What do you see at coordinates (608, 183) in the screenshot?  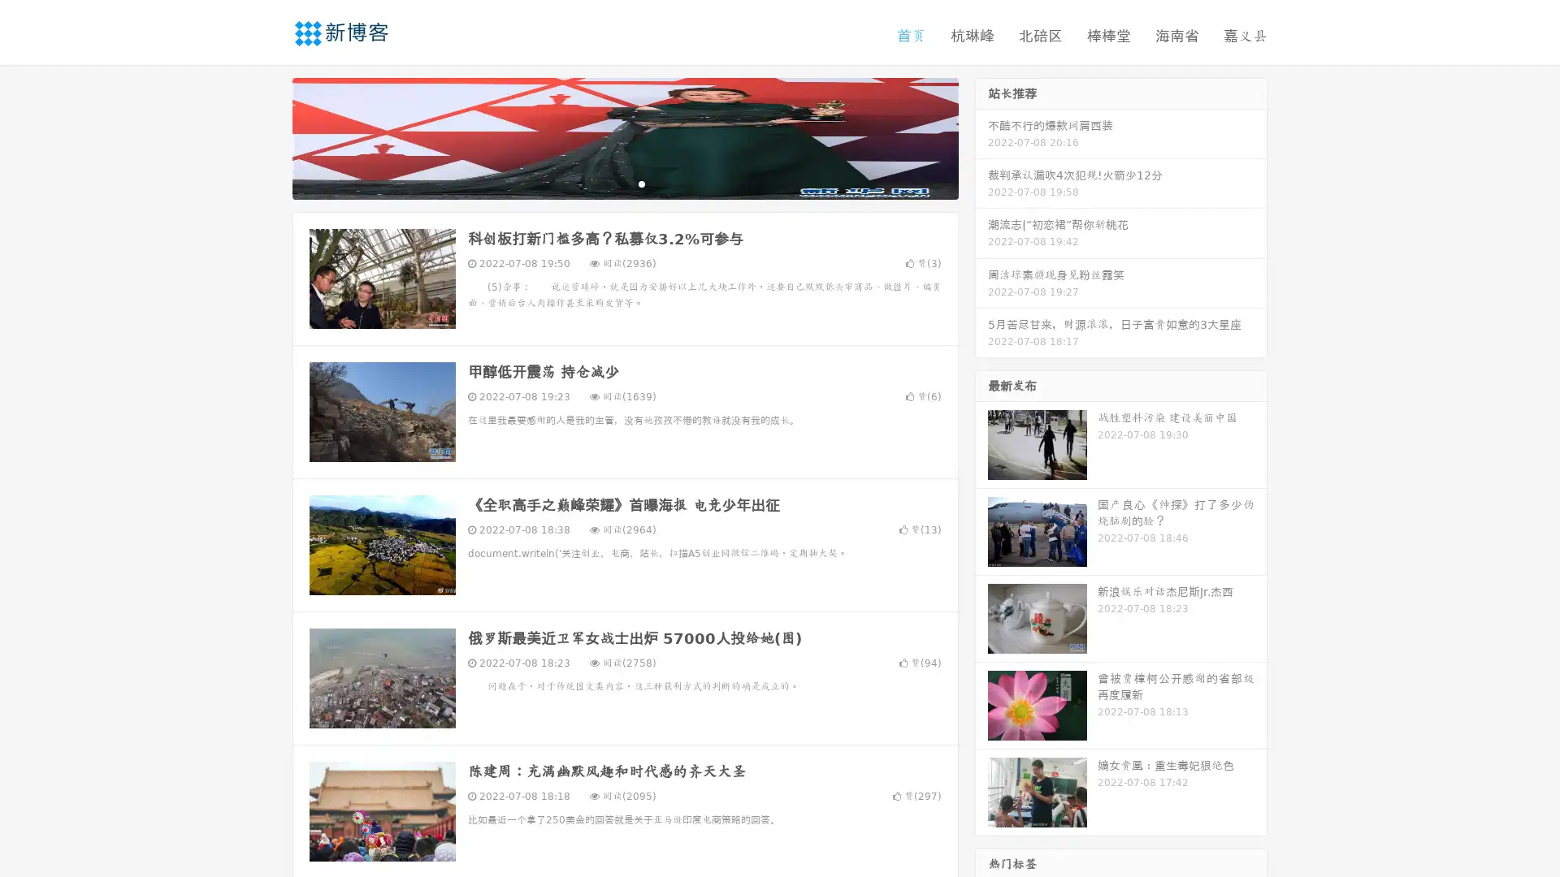 I see `Go to slide 1` at bounding box center [608, 183].